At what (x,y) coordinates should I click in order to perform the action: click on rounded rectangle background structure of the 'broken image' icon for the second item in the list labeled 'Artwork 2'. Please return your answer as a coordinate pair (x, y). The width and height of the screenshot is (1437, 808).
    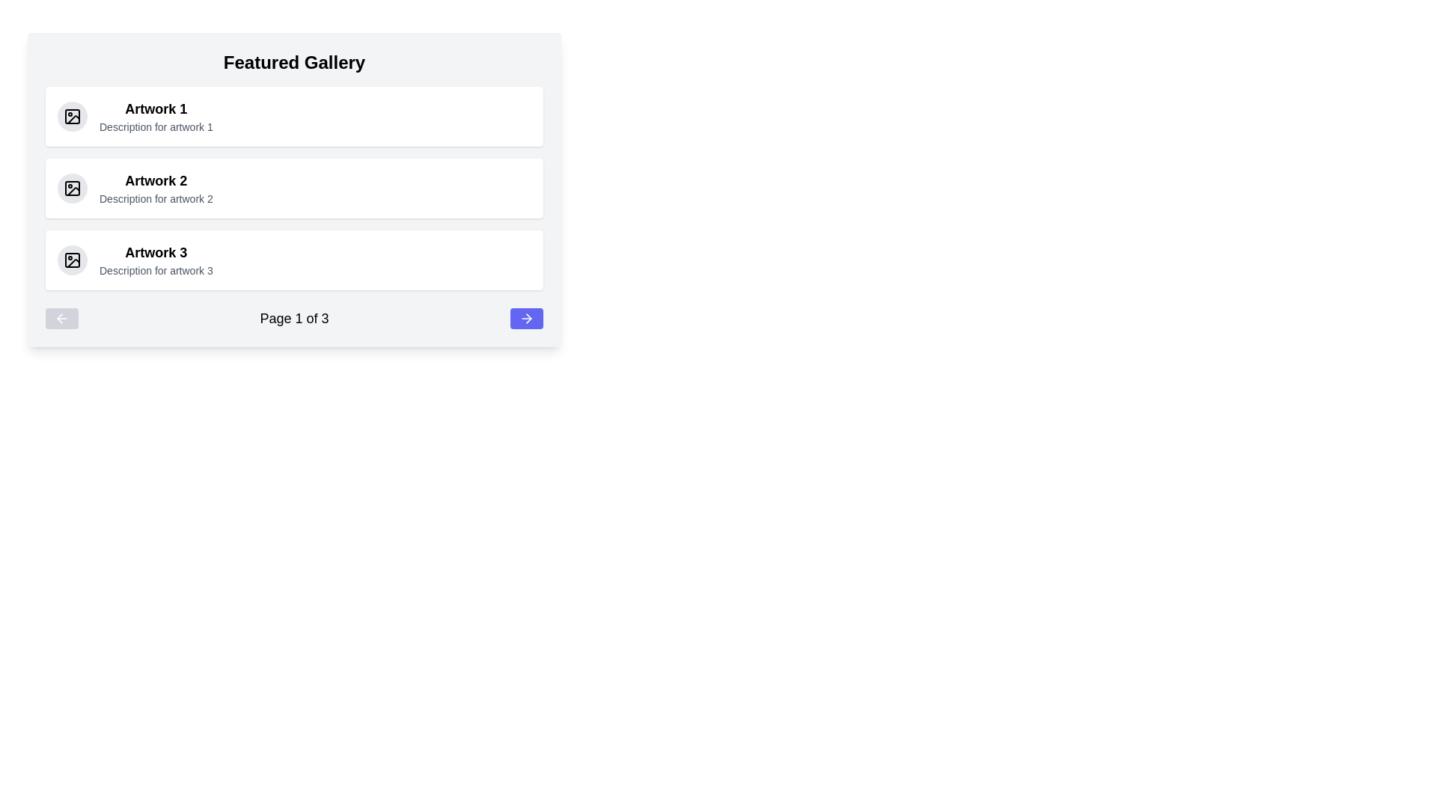
    Looking at the image, I should click on (71, 187).